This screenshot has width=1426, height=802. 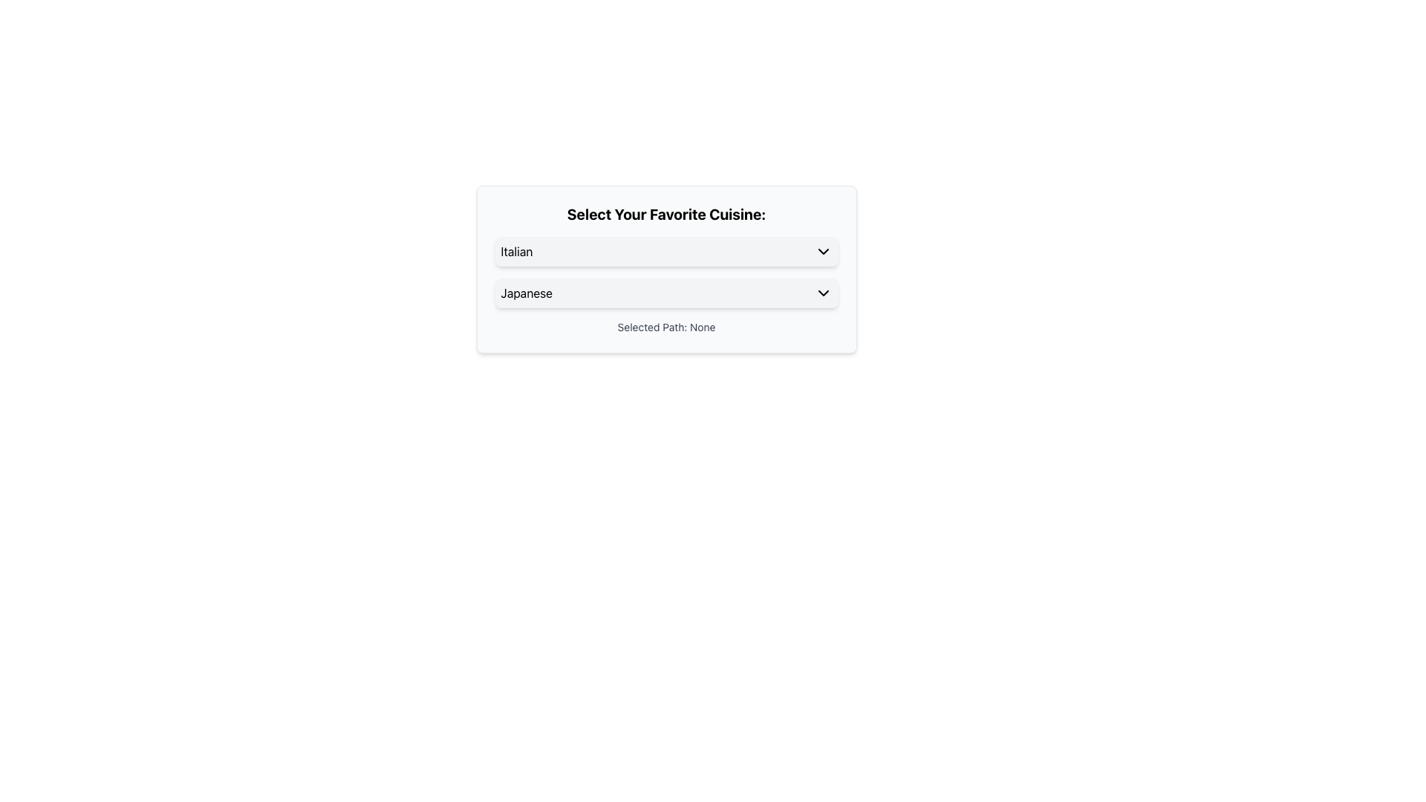 I want to click on the bold heading labeled 'Select Your Favorite Cuisine:' which is centrally aligned at the top of the card interface, so click(x=665, y=215).